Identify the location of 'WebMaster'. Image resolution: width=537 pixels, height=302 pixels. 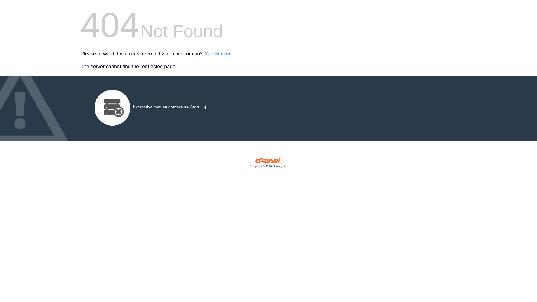
(205, 54).